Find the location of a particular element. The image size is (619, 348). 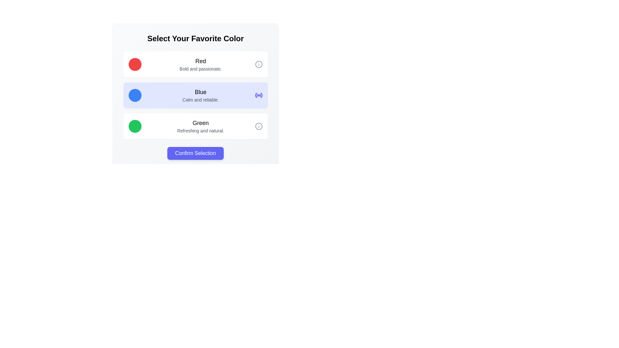

descriptive text content of the Text display element that provides information about the 'Blue' option, which suggests calmness and reliability is located at coordinates (200, 95).